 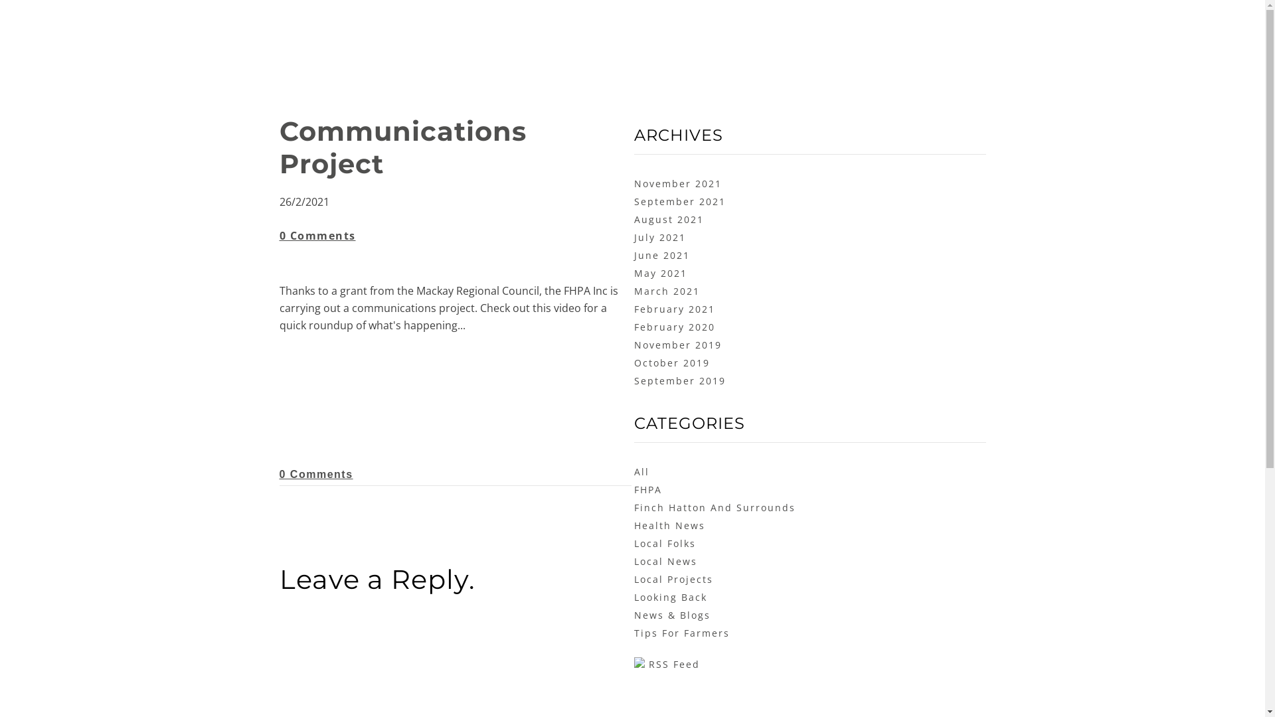 I want to click on '0 Comments', so click(x=315, y=473).